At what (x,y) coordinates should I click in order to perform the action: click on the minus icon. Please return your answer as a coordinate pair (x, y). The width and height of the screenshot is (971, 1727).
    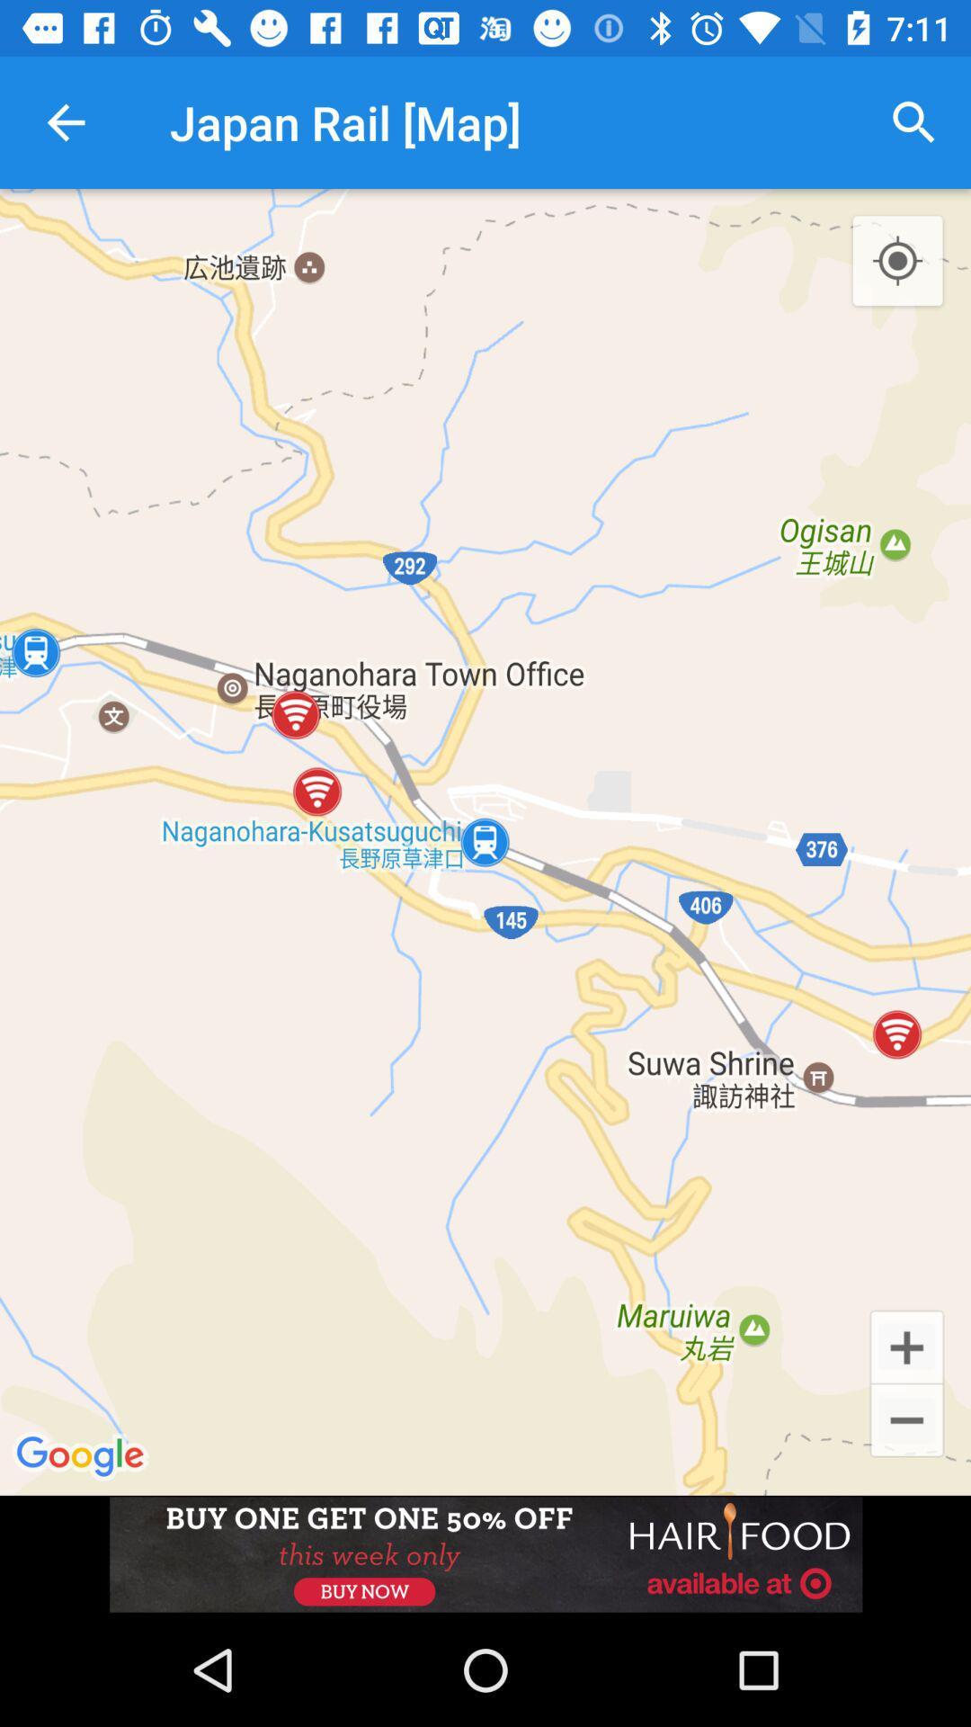
    Looking at the image, I should click on (906, 1419).